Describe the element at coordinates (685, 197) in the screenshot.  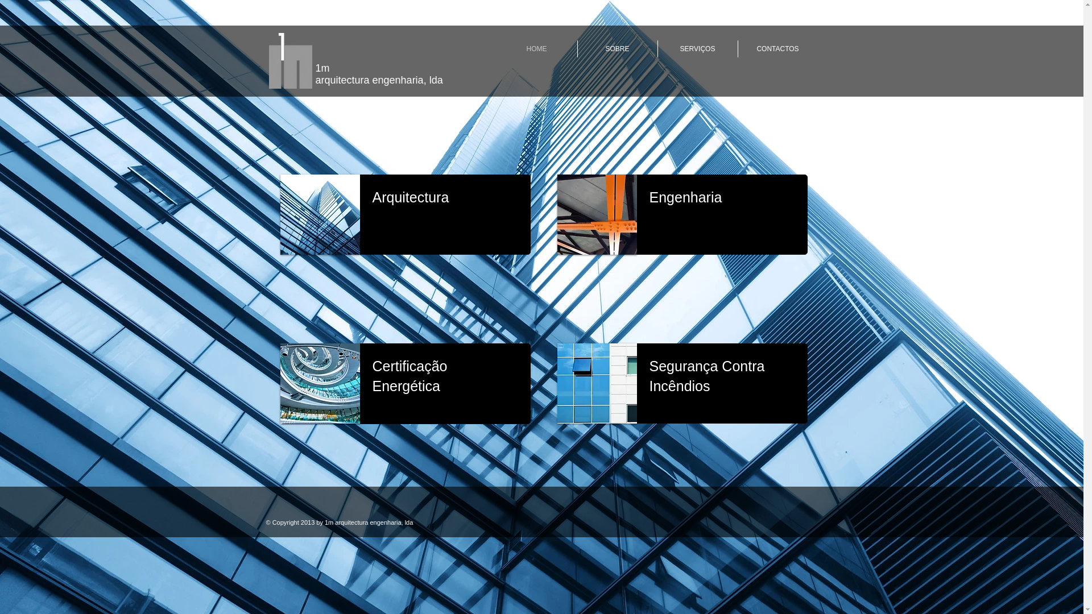
I see `'Engenharia'` at that location.